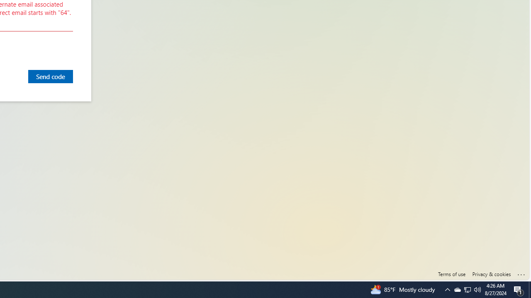 The width and height of the screenshot is (531, 298). What do you see at coordinates (50, 76) in the screenshot?
I see `'Send code'` at bounding box center [50, 76].